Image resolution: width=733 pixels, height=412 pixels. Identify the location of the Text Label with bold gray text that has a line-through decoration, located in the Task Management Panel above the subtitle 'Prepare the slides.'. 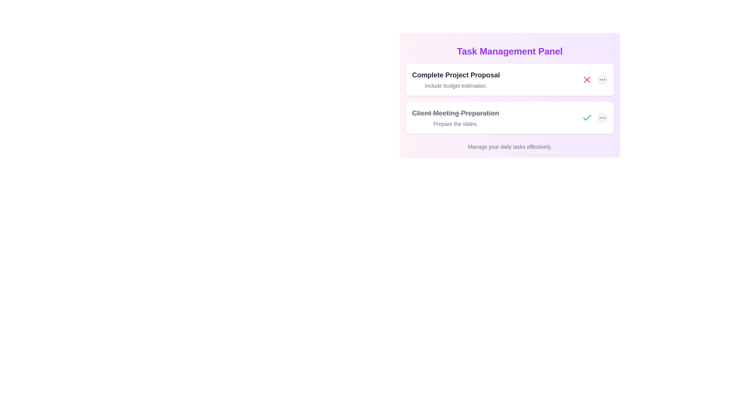
(455, 113).